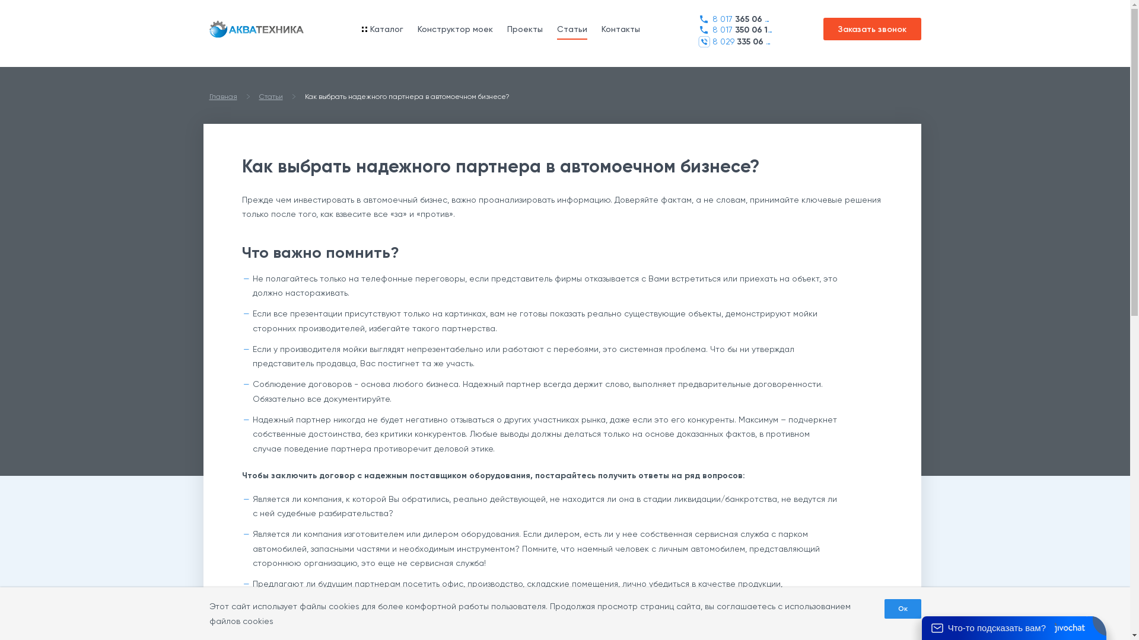 Image resolution: width=1139 pixels, height=640 pixels. I want to click on '8 017 365 06 45', so click(734, 19).